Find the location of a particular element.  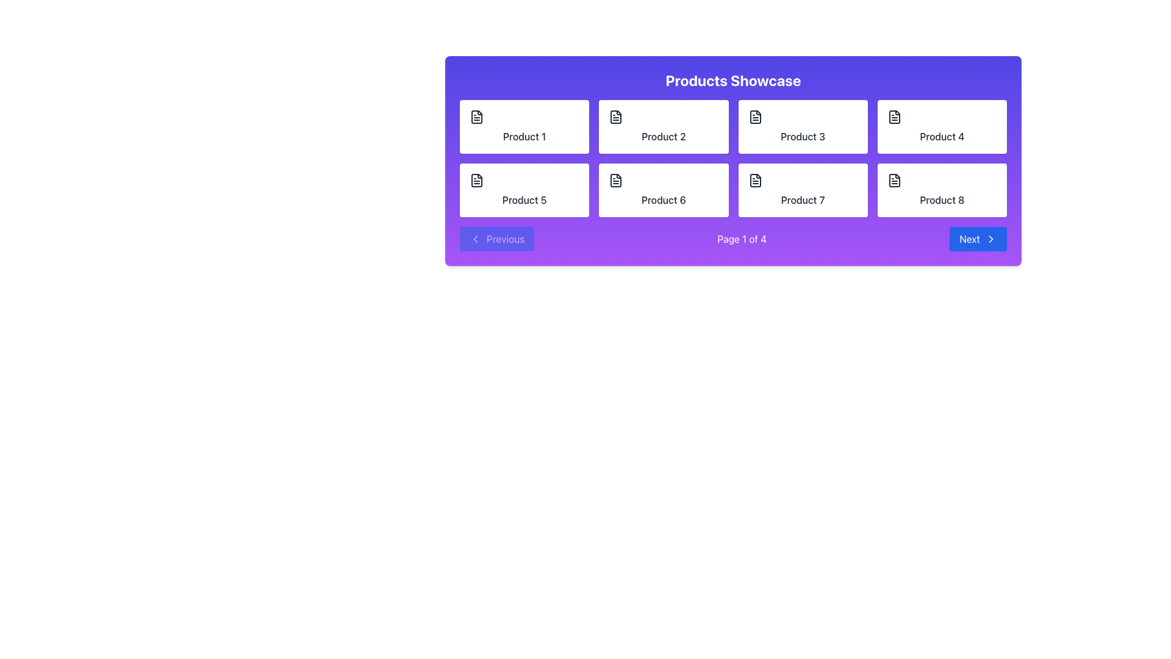

the document icon with horizontal lines inside the white box labeled 'Product 7' in the grid layout on a purple background is located at coordinates (754, 181).